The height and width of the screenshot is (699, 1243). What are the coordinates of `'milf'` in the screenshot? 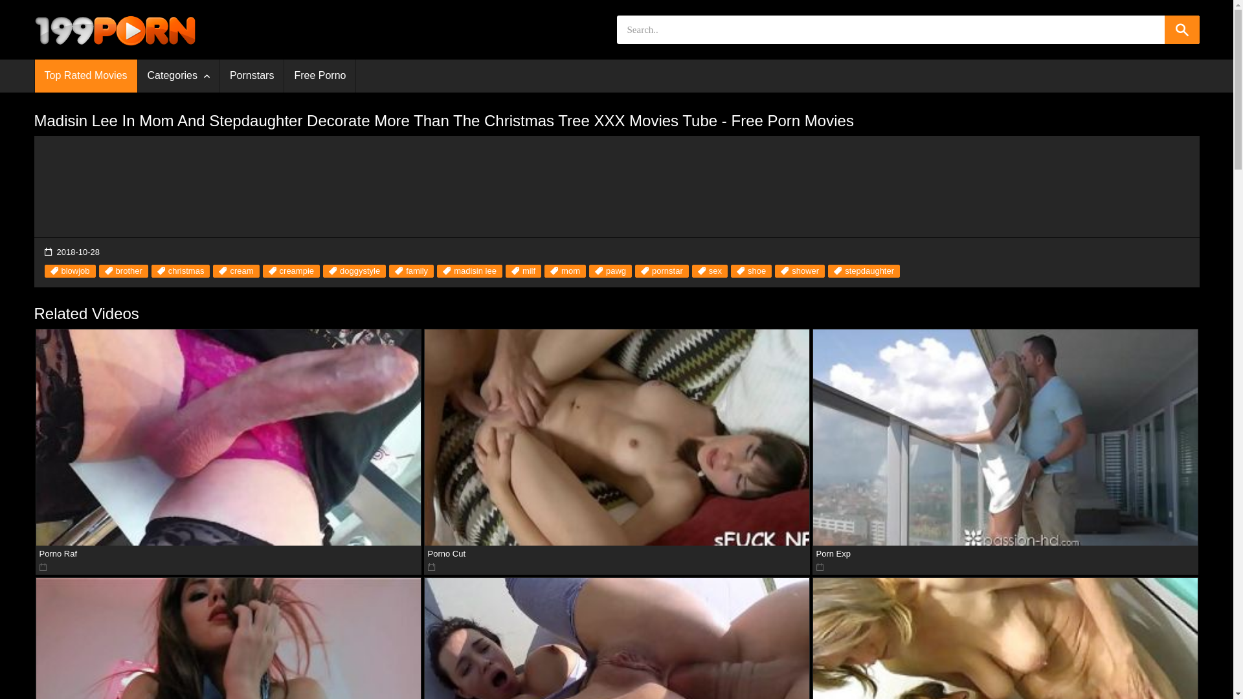 It's located at (523, 271).